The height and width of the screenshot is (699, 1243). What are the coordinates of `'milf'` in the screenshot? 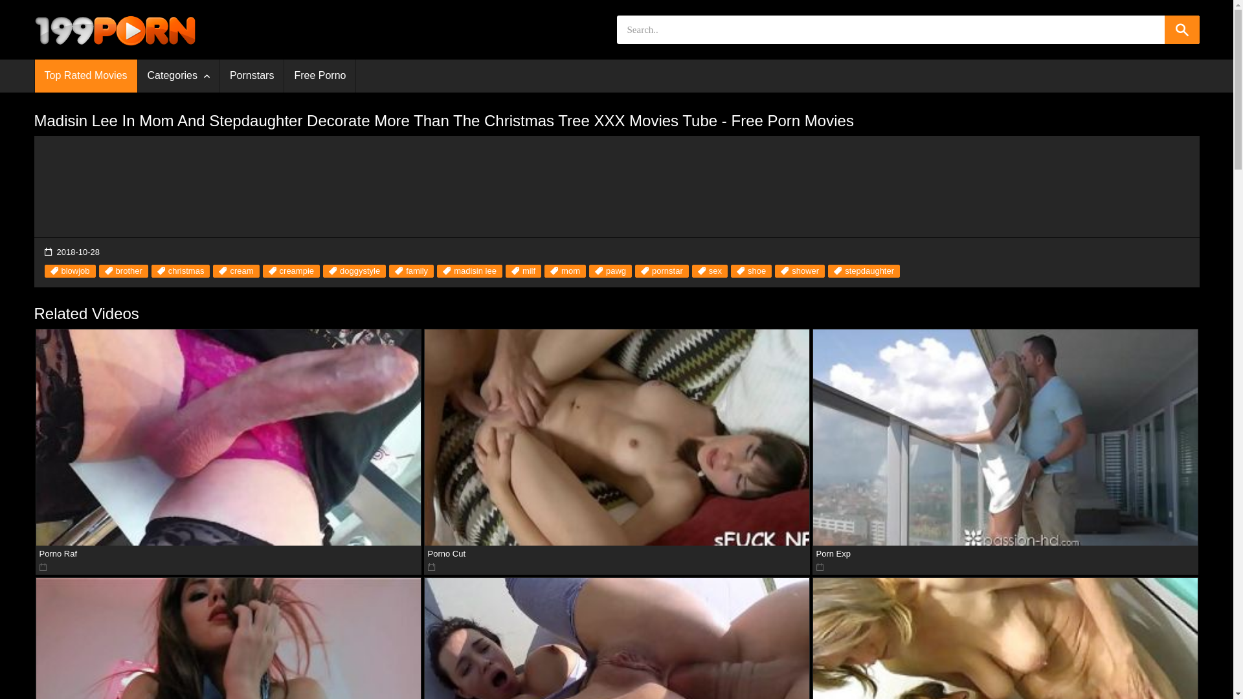 It's located at (523, 271).